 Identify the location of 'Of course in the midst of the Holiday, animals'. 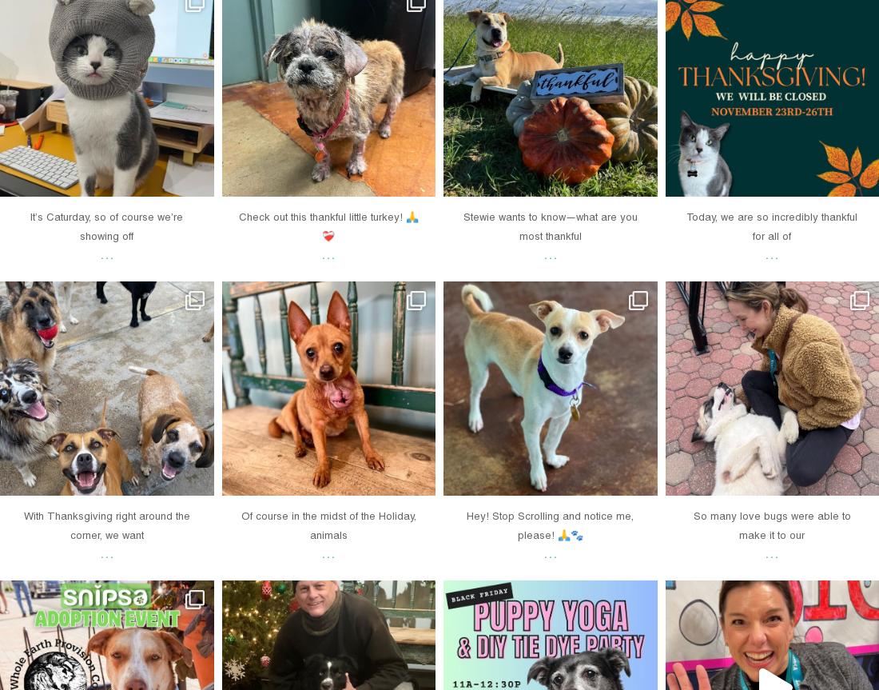
(328, 524).